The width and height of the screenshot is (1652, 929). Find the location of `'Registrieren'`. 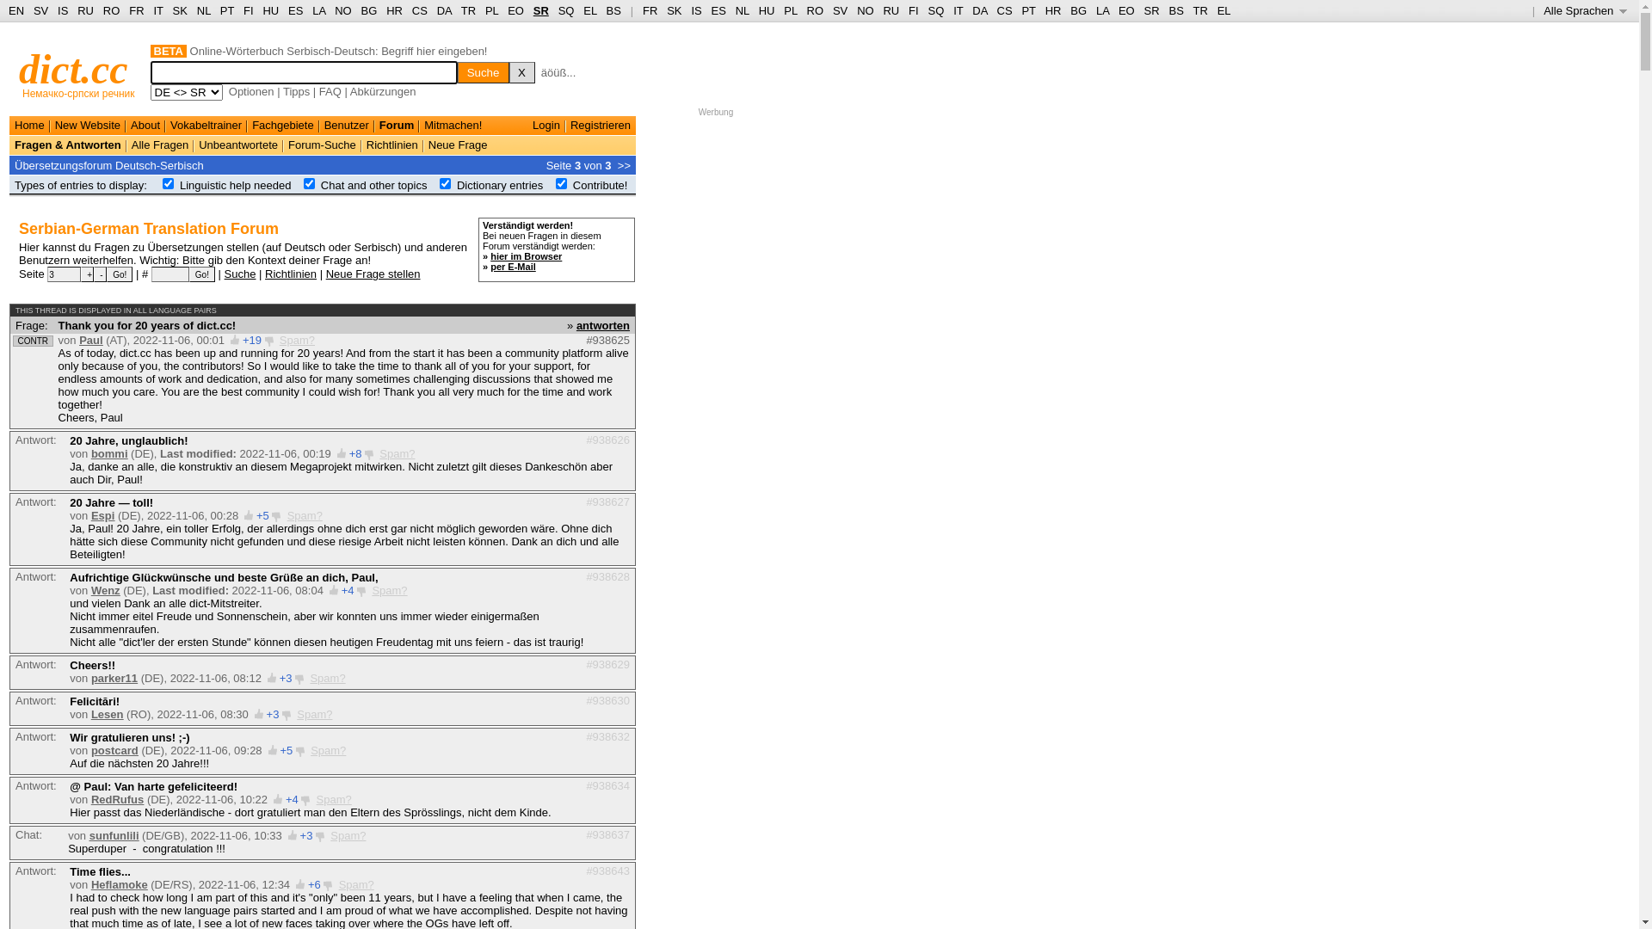

'Registrieren' is located at coordinates (570, 124).